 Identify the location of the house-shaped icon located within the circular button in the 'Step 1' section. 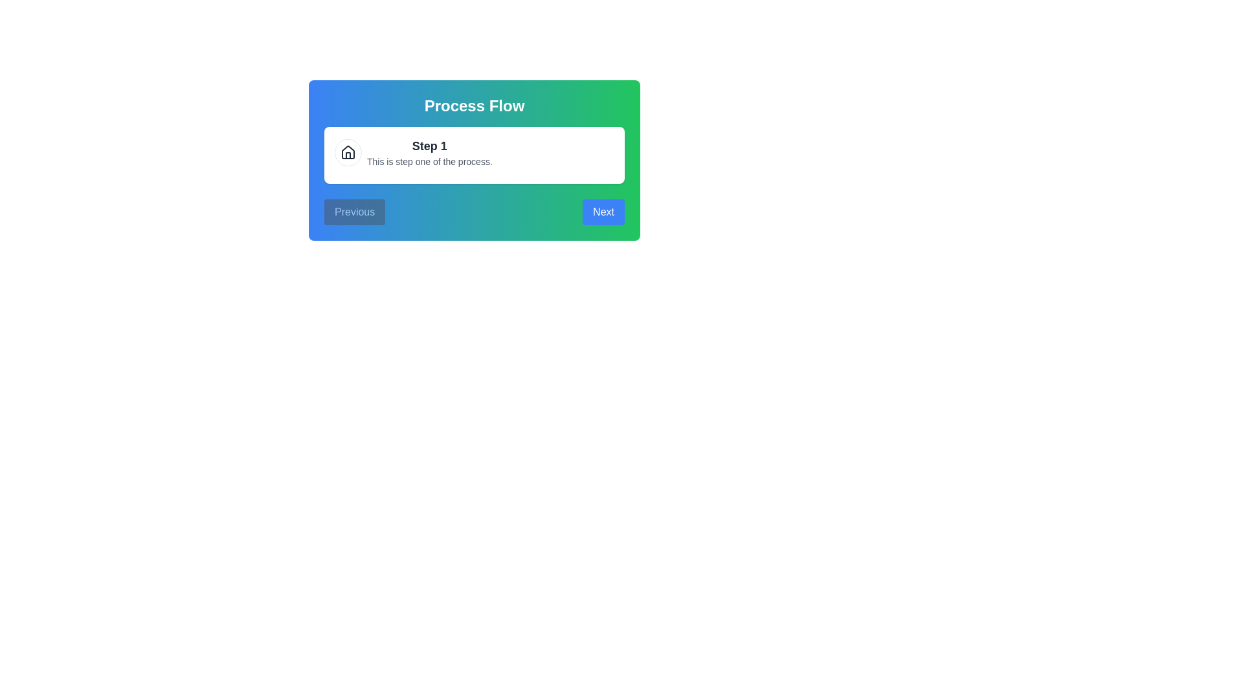
(348, 151).